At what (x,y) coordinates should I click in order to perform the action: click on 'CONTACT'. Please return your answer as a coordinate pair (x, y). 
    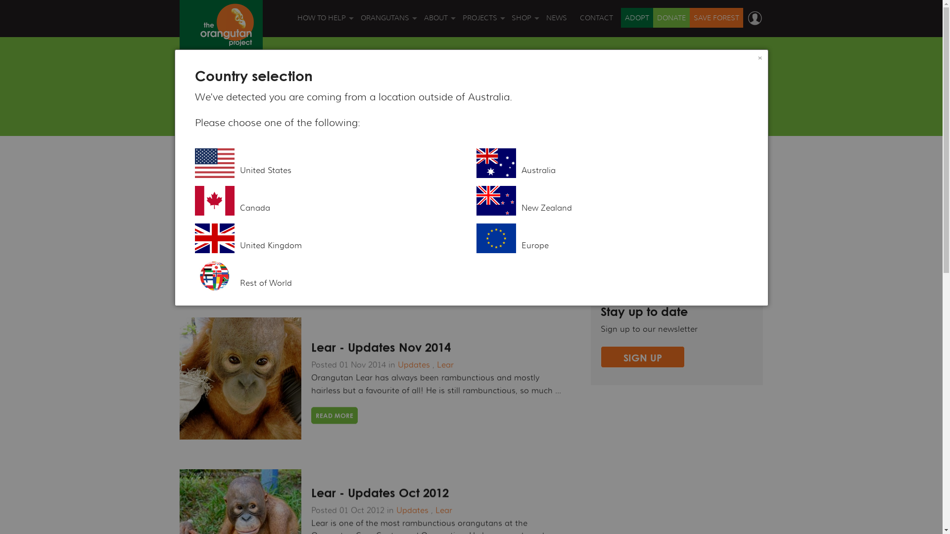
    Looking at the image, I should click on (598, 17).